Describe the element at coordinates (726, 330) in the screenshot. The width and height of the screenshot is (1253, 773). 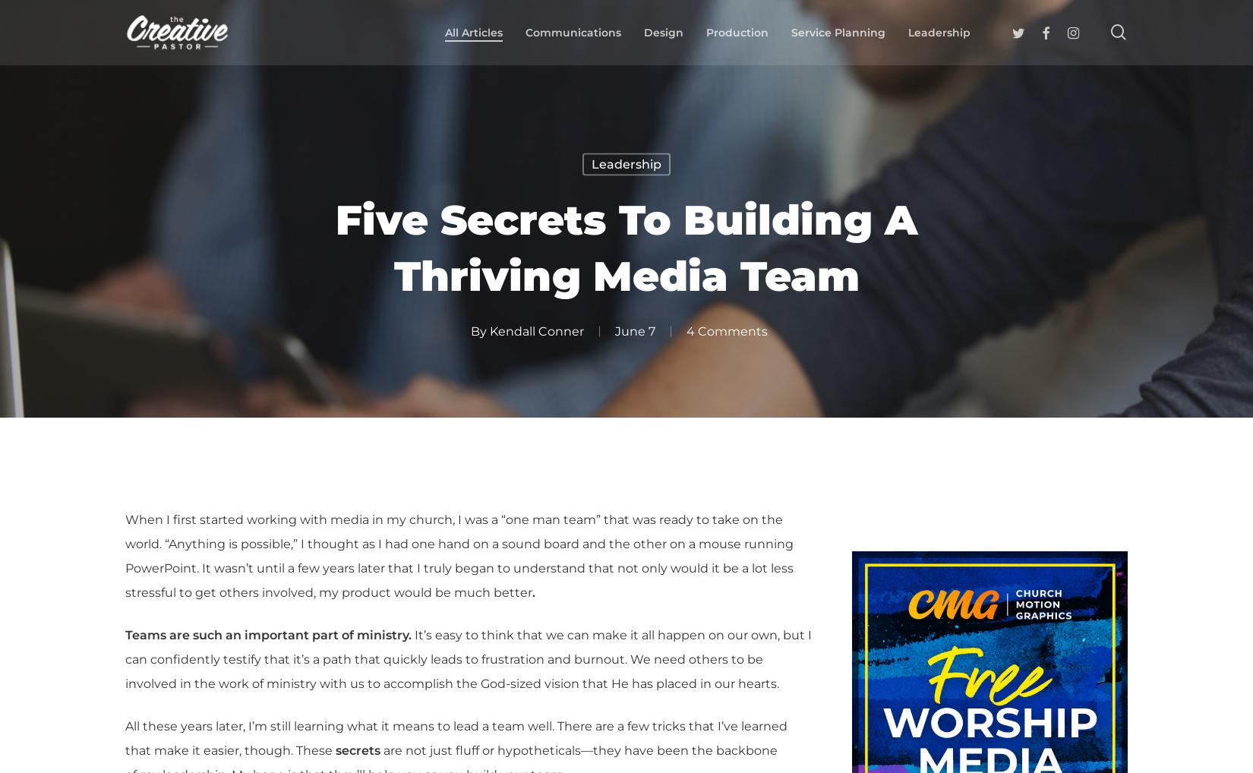
I see `'4 Comments'` at that location.